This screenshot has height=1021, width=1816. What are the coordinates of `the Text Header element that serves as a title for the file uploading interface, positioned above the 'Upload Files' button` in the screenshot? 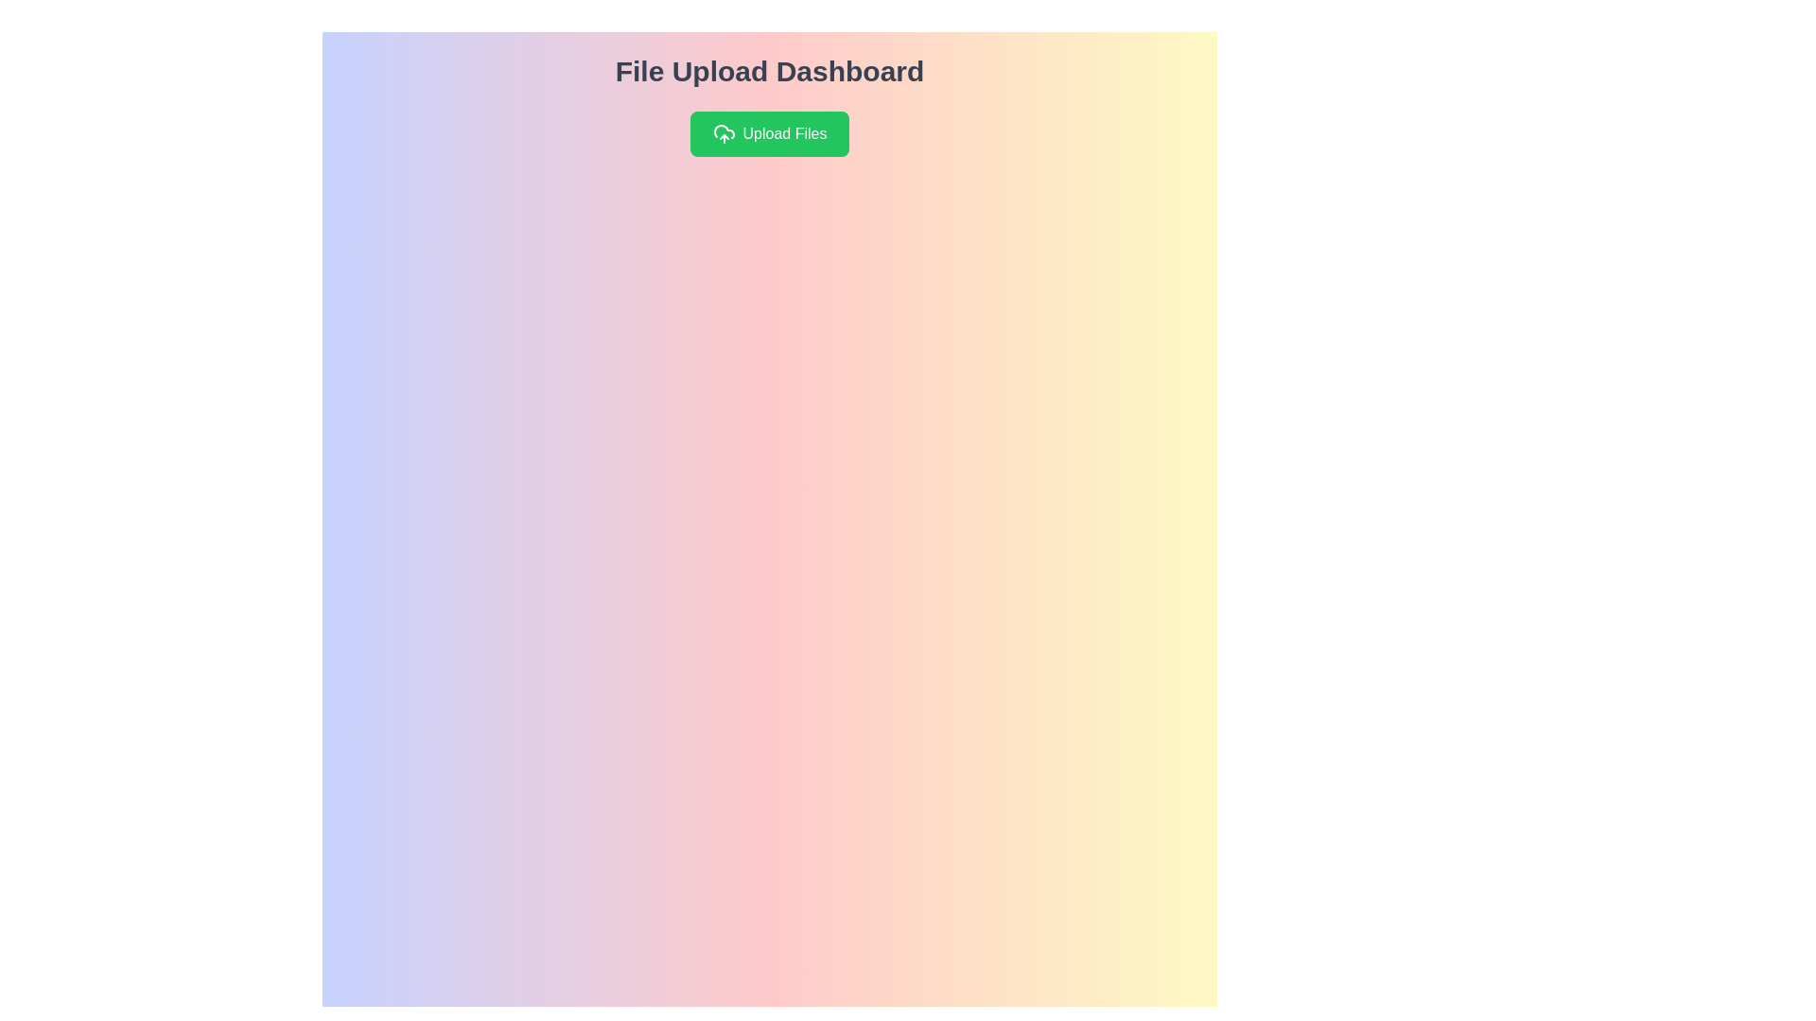 It's located at (770, 71).